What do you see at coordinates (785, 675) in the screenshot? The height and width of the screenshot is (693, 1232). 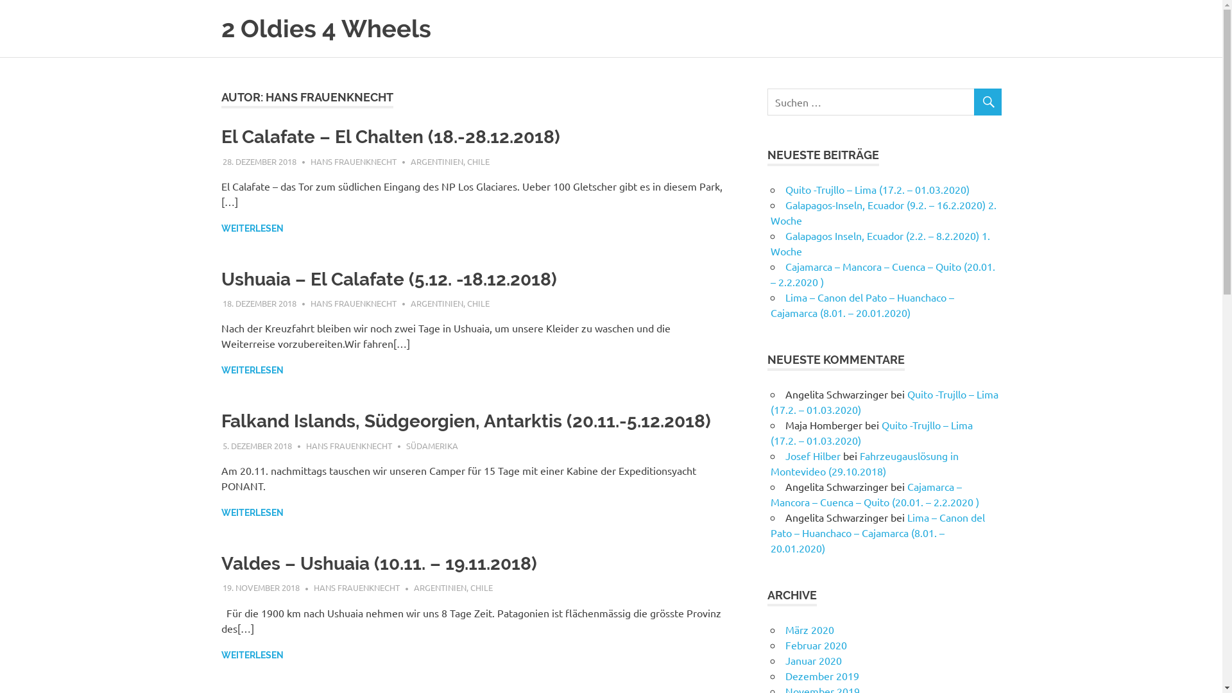 I see `'Dezember 2019'` at bounding box center [785, 675].